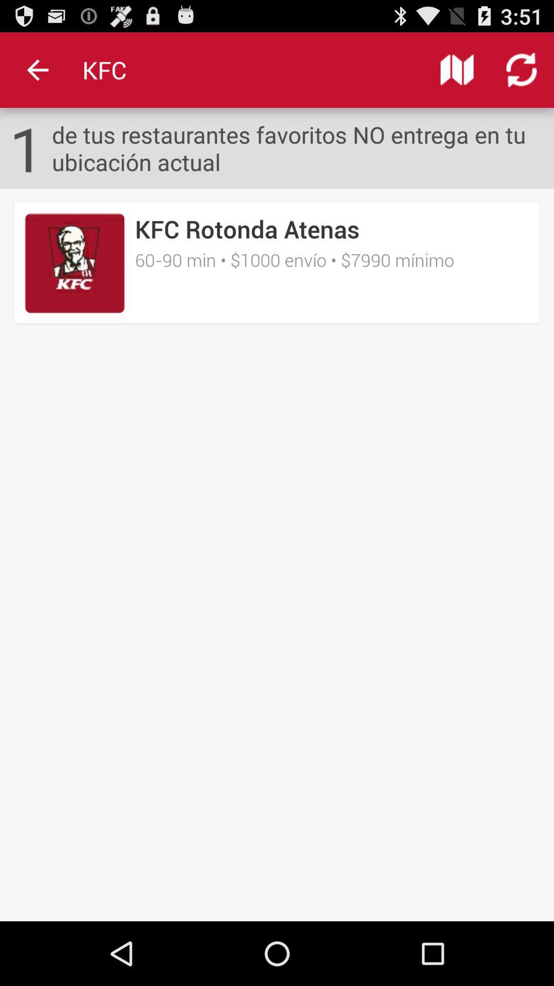  I want to click on 1, so click(26, 147).